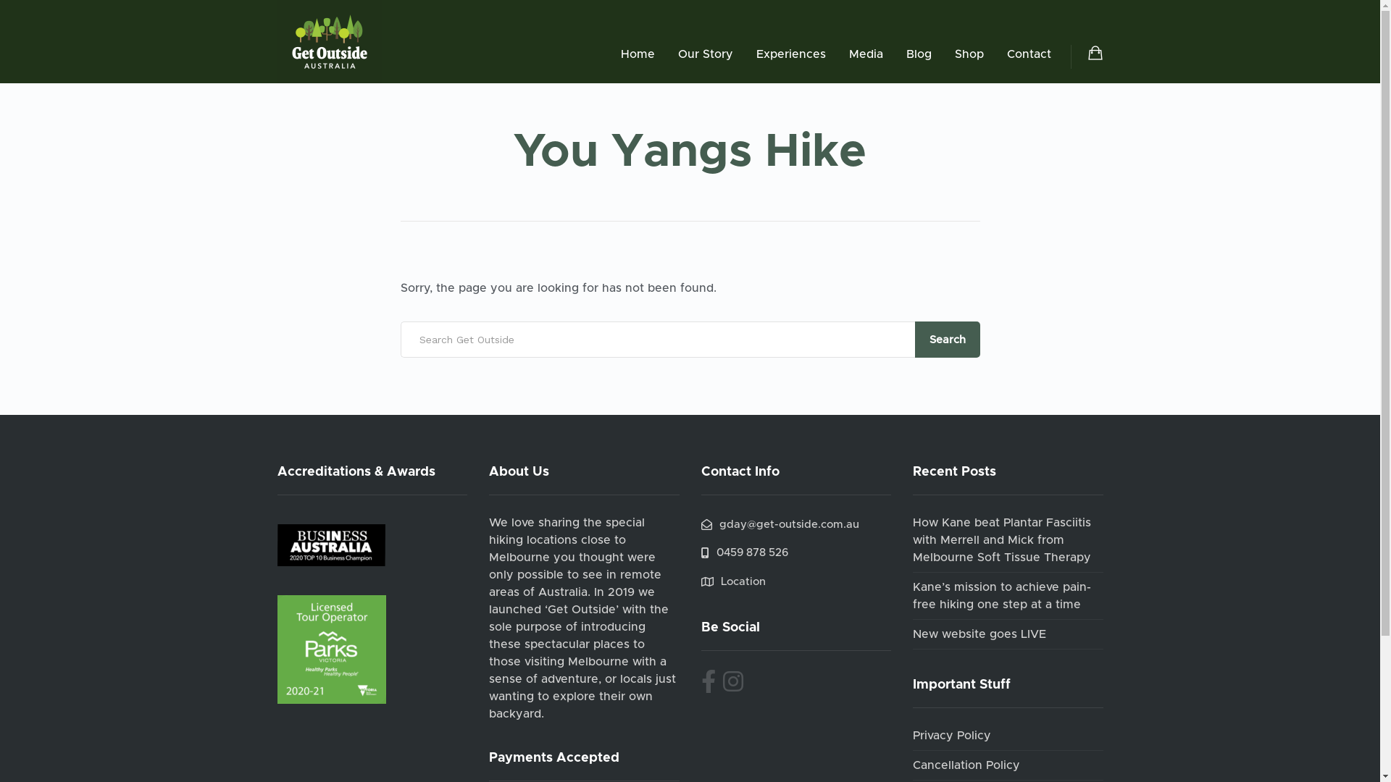 The height and width of the screenshot is (782, 1391). Describe the element at coordinates (706, 53) in the screenshot. I see `'Our Story'` at that location.